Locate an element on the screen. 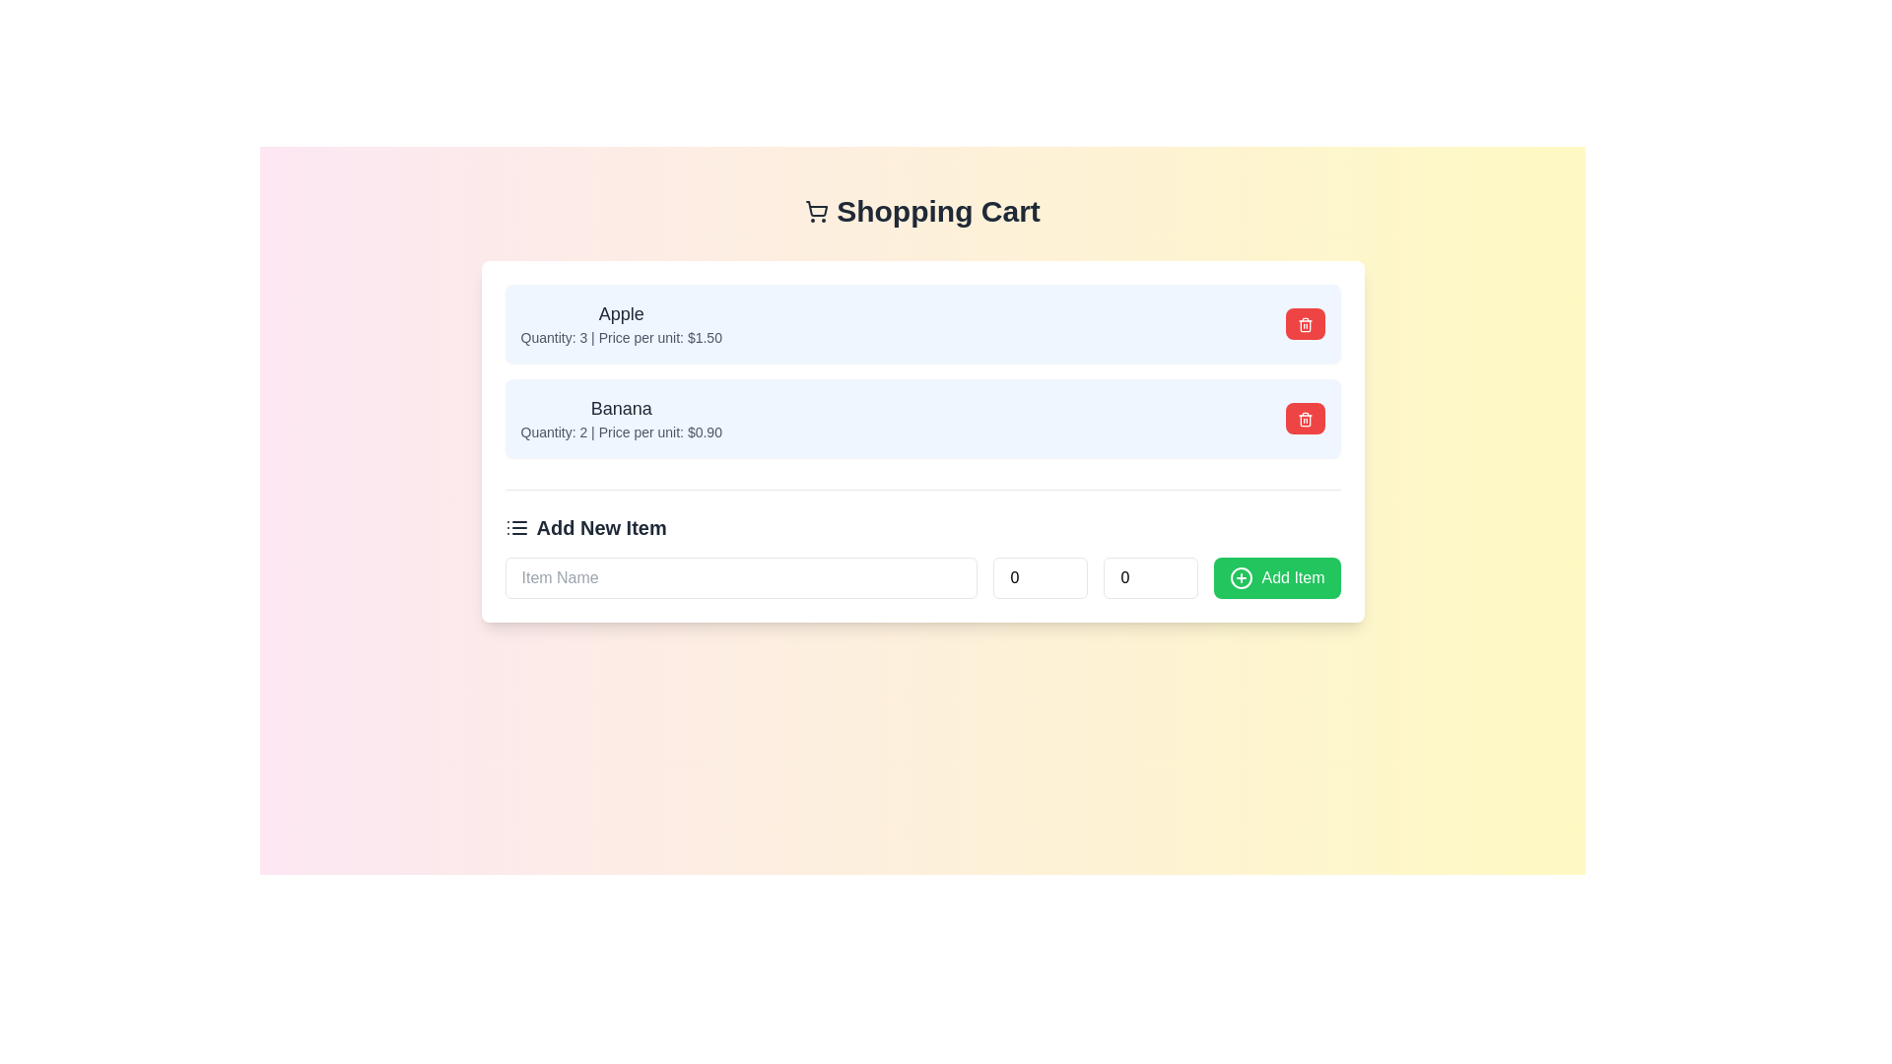 This screenshot has width=1892, height=1064. the circular icon for the 'Add Item' button located in the bottom-right region of the shopping cart interface, under the 'Add New Item' section is located at coordinates (1241, 576).